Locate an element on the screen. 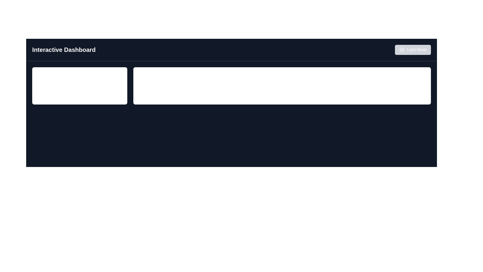 This screenshot has width=483, height=272. the 'Light Mode' button located at the top-right corner of the interface is located at coordinates (401, 50).